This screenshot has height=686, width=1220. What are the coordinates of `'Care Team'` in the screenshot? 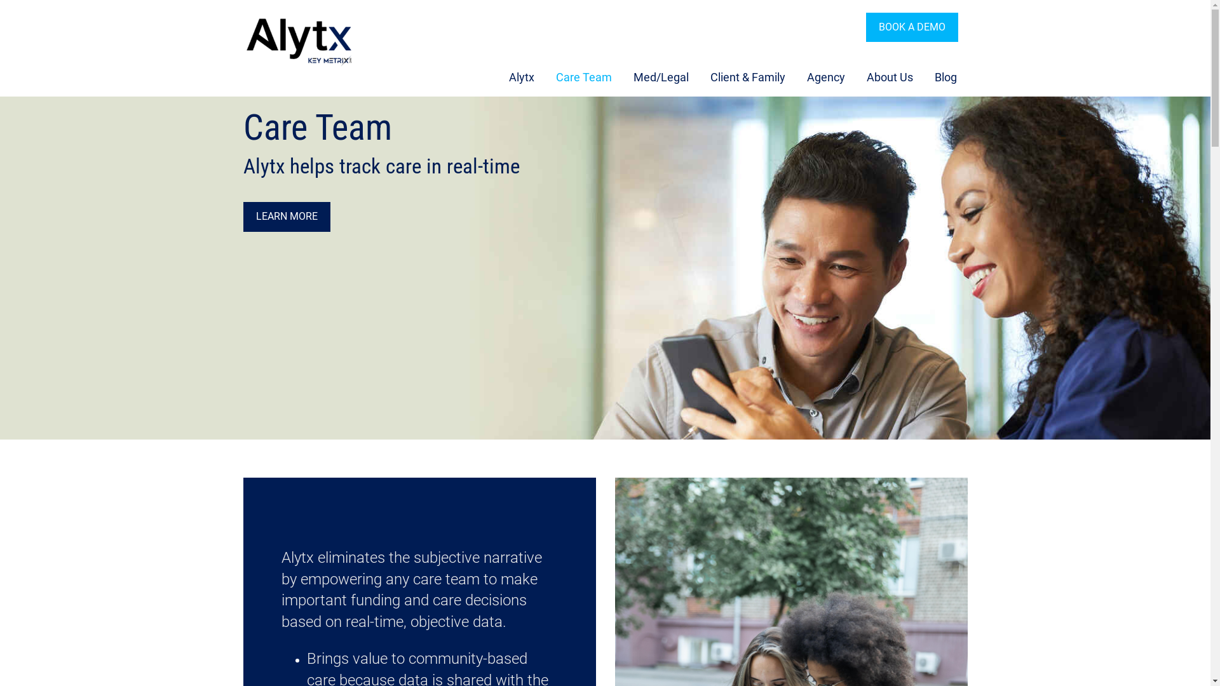 It's located at (543, 77).